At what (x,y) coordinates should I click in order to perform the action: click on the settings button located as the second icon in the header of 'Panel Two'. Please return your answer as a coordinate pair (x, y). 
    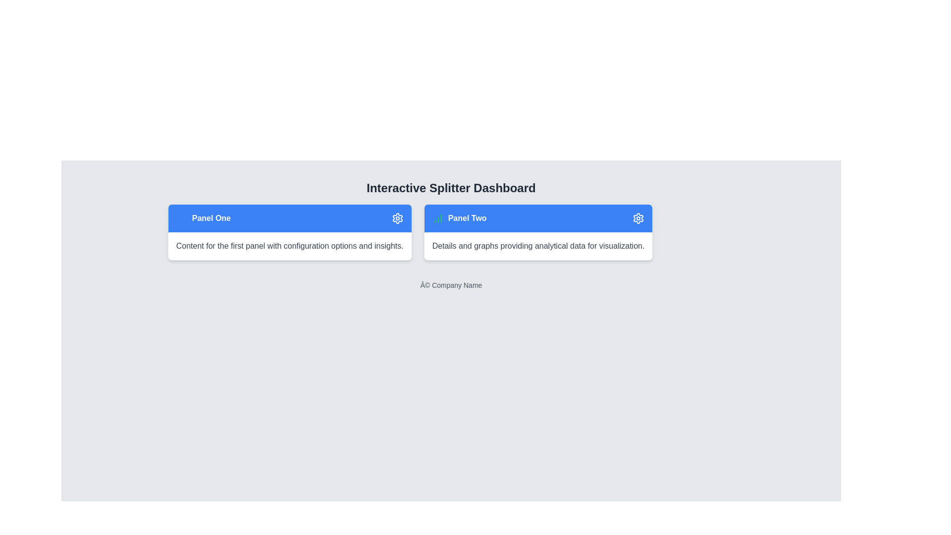
    Looking at the image, I should click on (638, 217).